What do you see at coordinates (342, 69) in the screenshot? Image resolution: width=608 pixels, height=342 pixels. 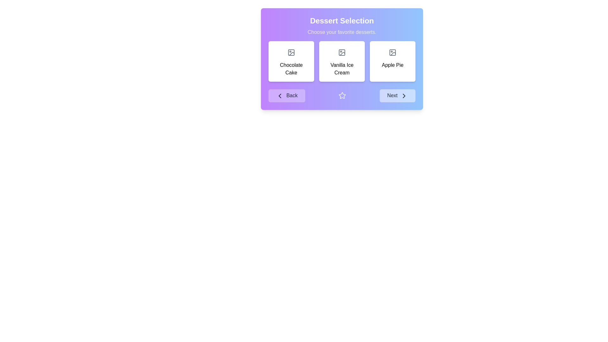 I see `the text label identifying the card's content for 'Vanilla Ice Cream', which is located beneath an icon in the middle column of three horizontally presented options` at bounding box center [342, 69].